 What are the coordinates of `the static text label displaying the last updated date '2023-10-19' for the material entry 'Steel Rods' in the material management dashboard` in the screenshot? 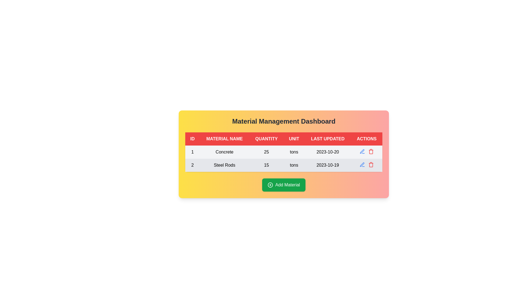 It's located at (328, 165).